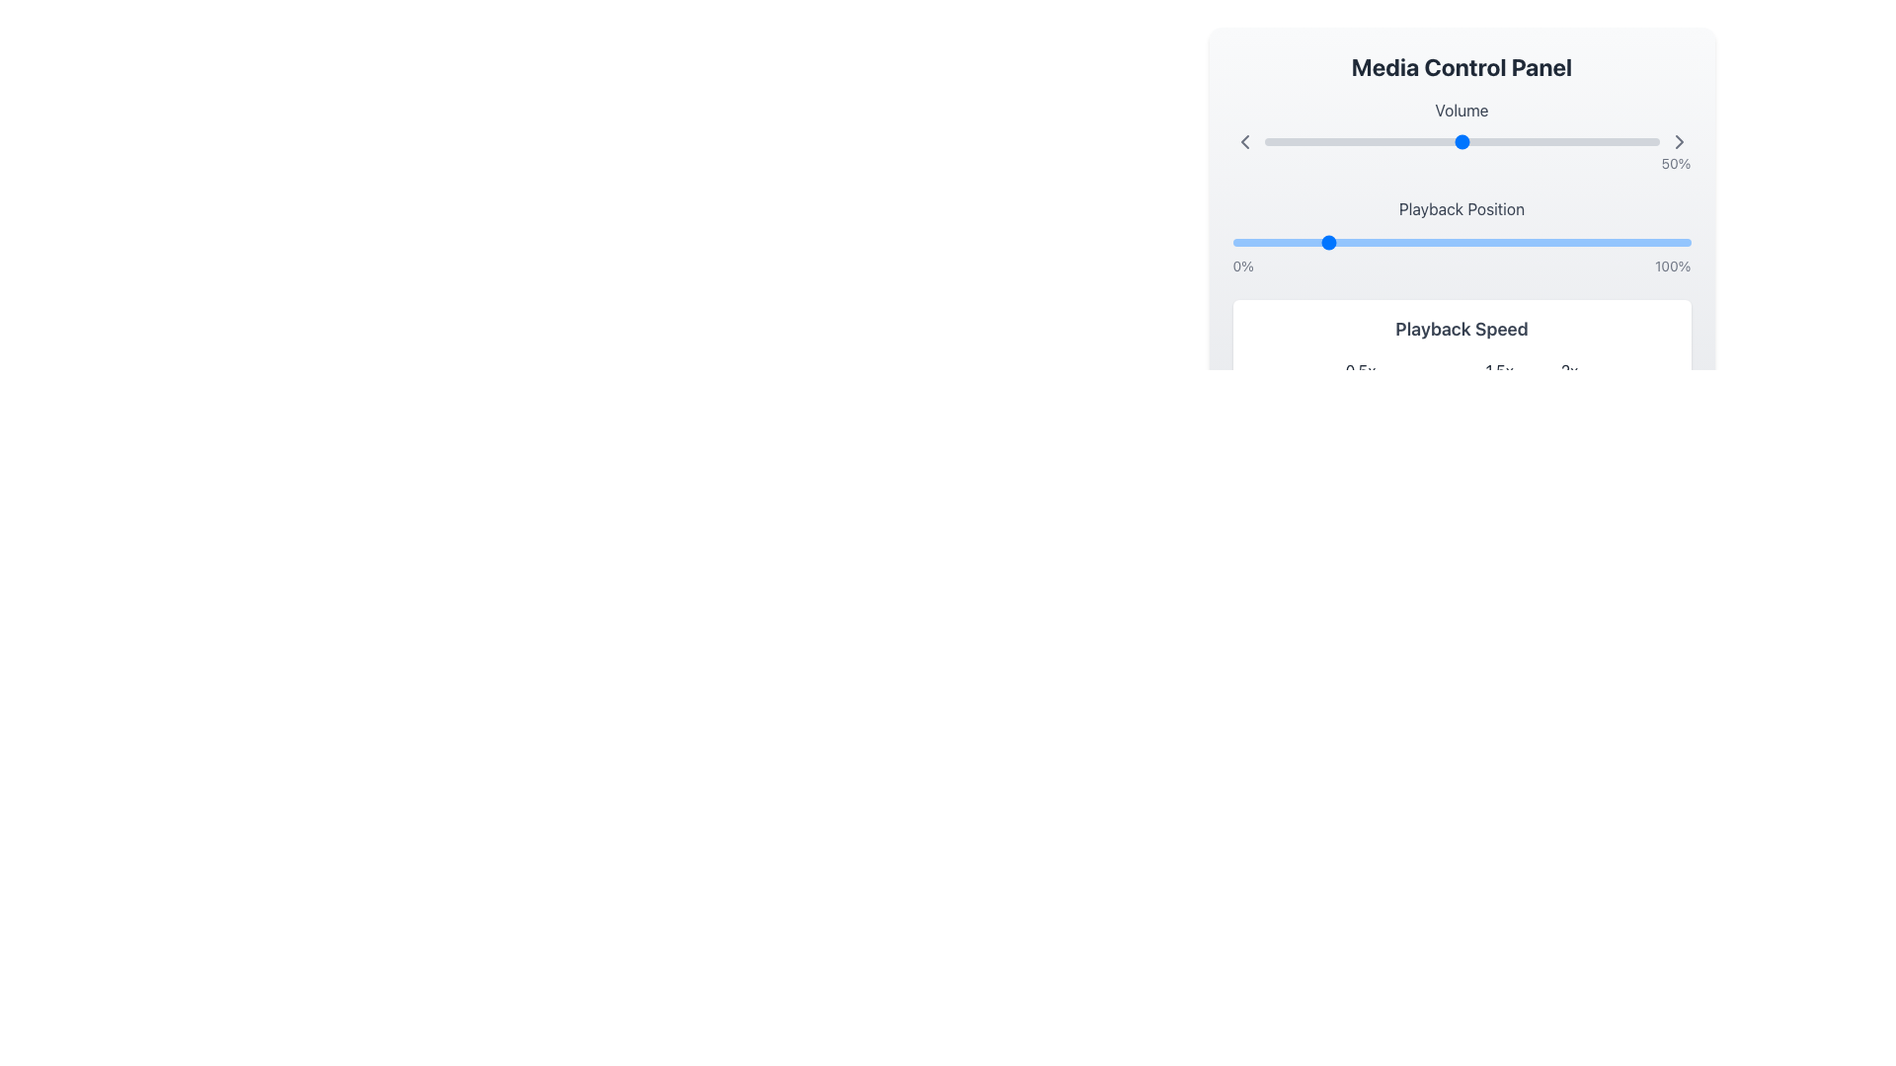  Describe the element at coordinates (1672, 266) in the screenshot. I see `the label displaying '100%' located at the bottom-right of the playback position slider` at that location.